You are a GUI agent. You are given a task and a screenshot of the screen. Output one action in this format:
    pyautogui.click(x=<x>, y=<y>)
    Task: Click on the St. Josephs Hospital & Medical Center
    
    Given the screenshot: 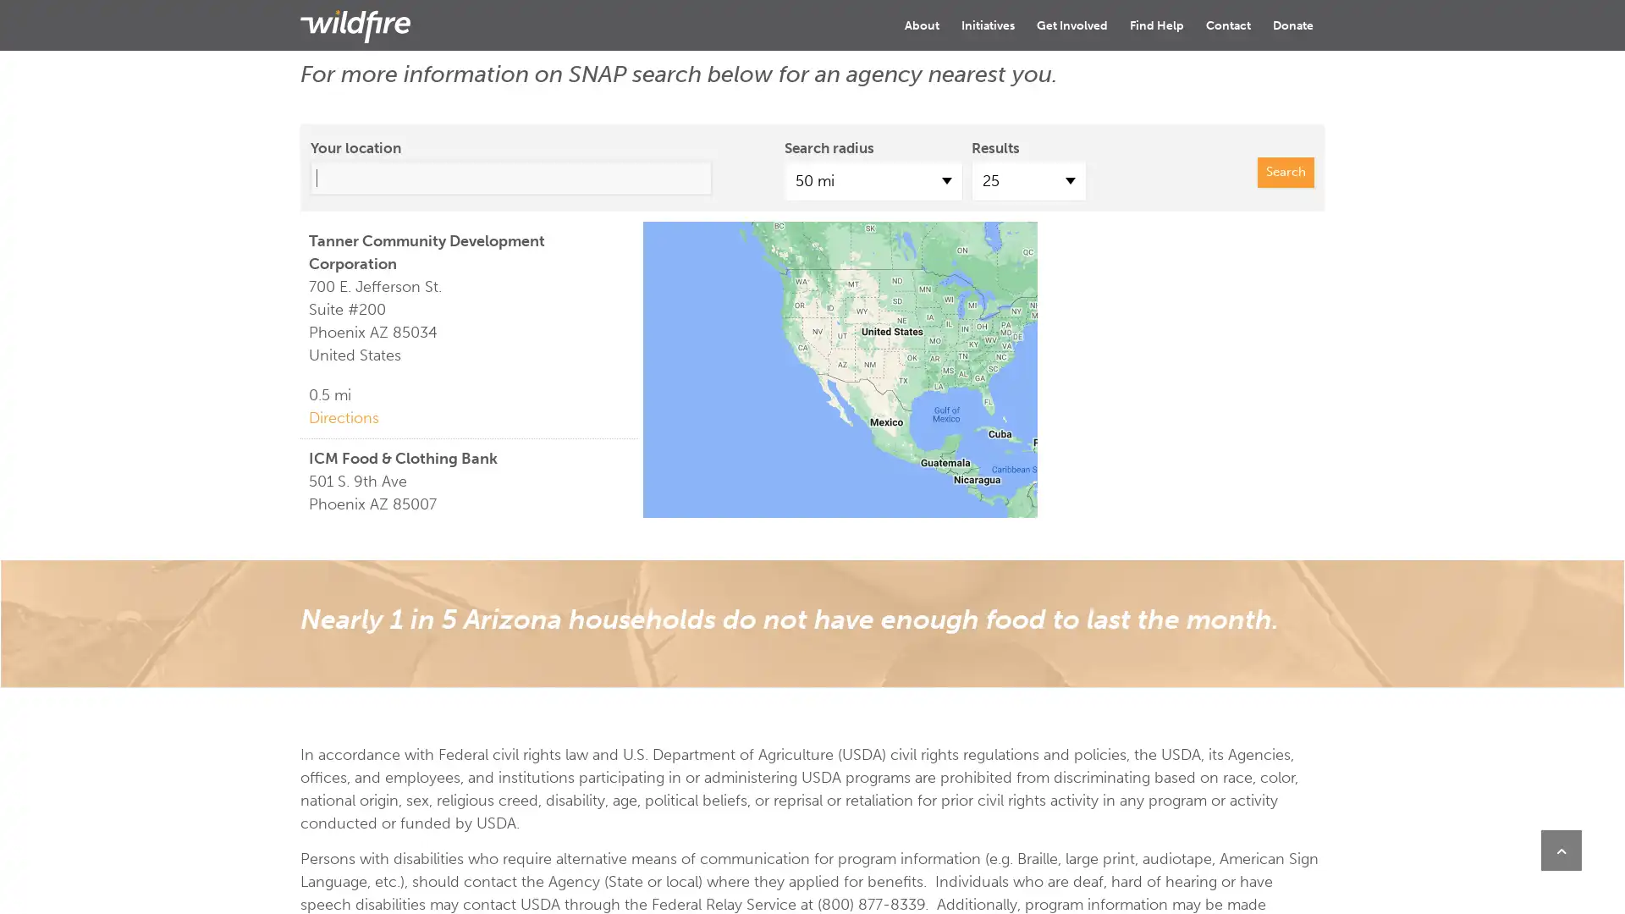 What is the action you would take?
    pyautogui.click(x=972, y=334)
    